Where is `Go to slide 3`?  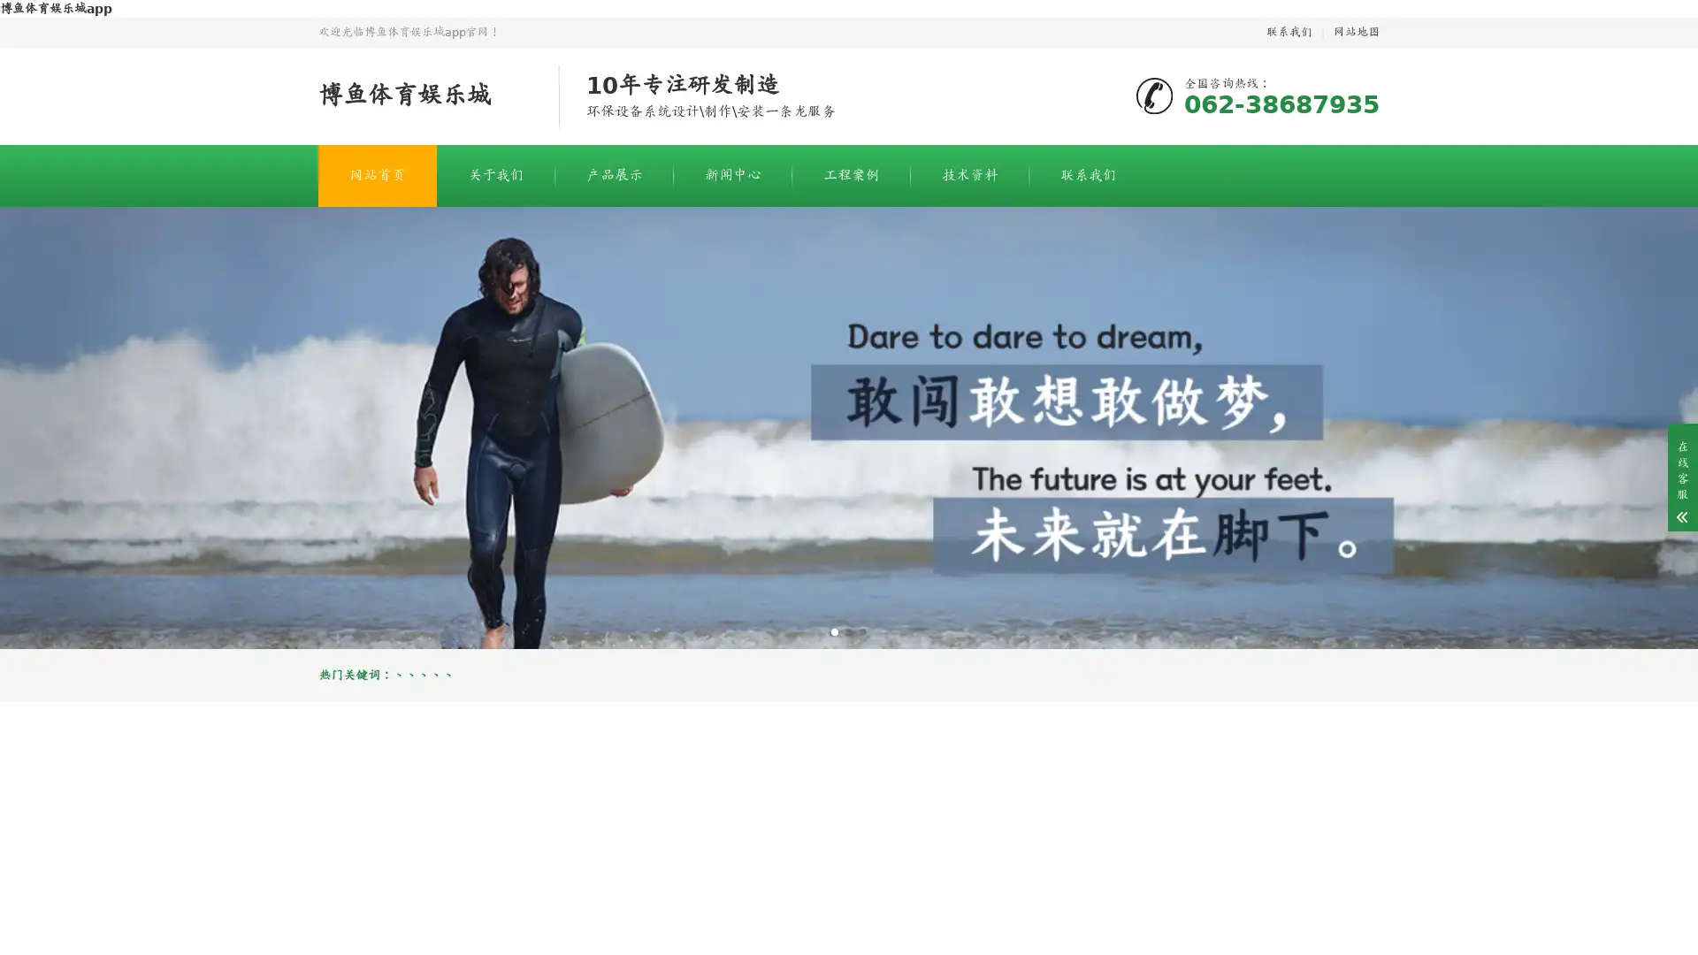 Go to slide 3 is located at coordinates (862, 630).